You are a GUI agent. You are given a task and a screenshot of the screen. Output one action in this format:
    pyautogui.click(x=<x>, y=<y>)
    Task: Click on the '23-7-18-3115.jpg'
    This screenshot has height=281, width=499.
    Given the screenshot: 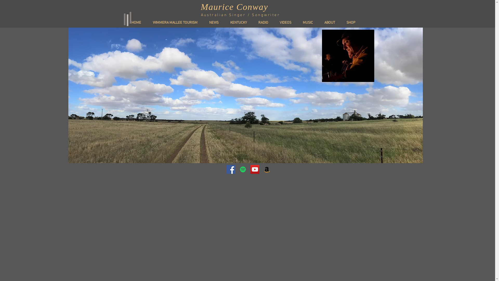 What is the action you would take?
    pyautogui.click(x=321, y=56)
    